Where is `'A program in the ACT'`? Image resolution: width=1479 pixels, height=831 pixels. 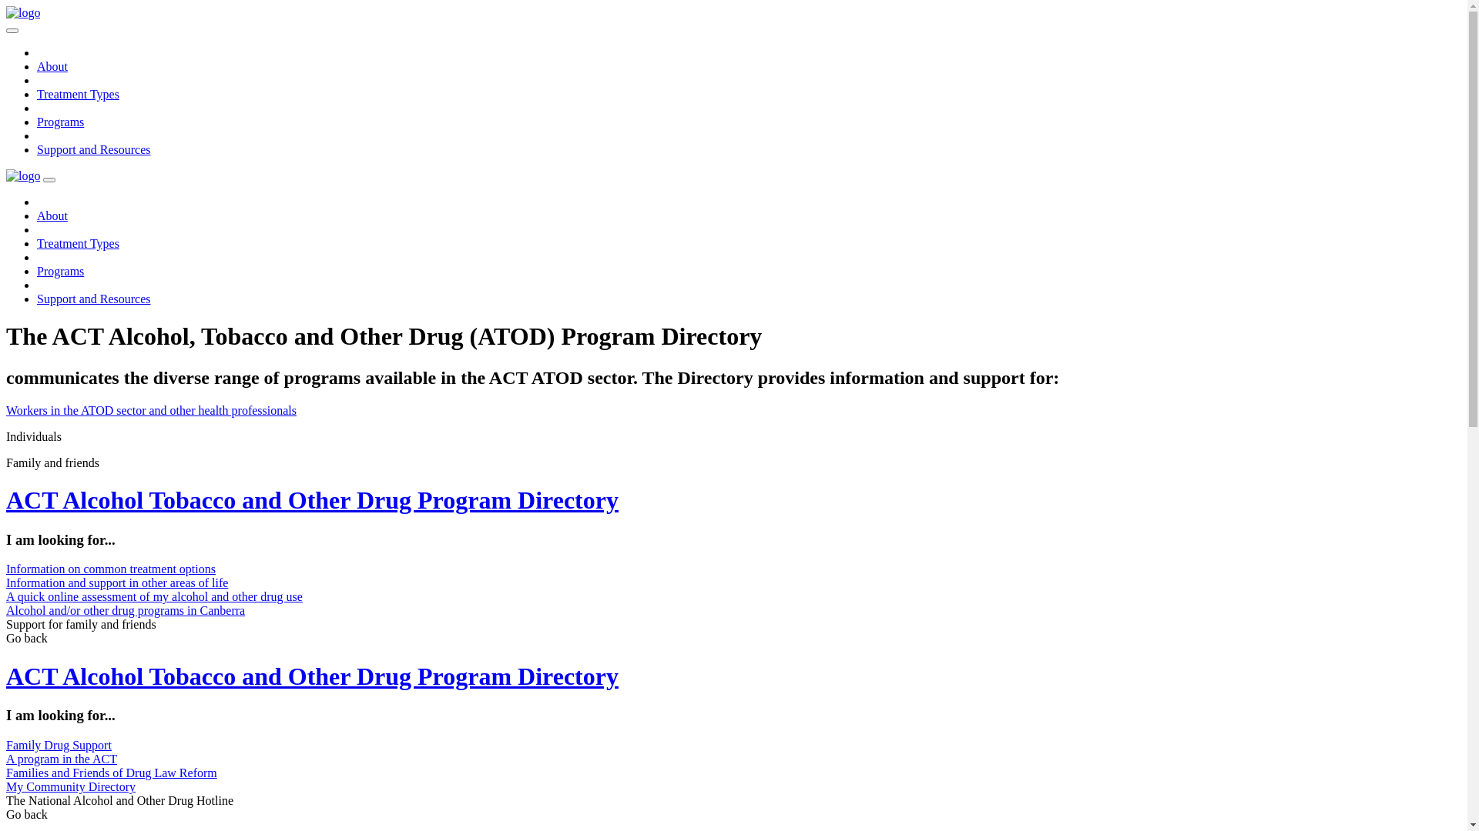 'A program in the ACT' is located at coordinates (62, 758).